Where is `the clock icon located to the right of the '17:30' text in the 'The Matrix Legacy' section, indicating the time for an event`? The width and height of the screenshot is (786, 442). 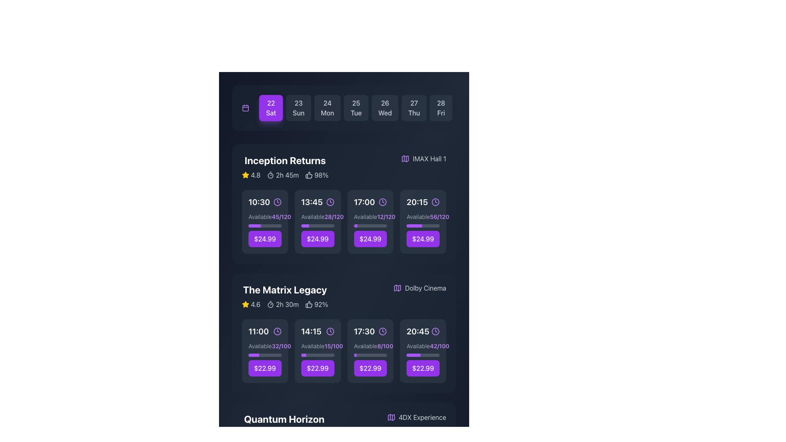 the clock icon located to the right of the '17:30' text in the 'The Matrix Legacy' section, indicating the time for an event is located at coordinates (382, 331).